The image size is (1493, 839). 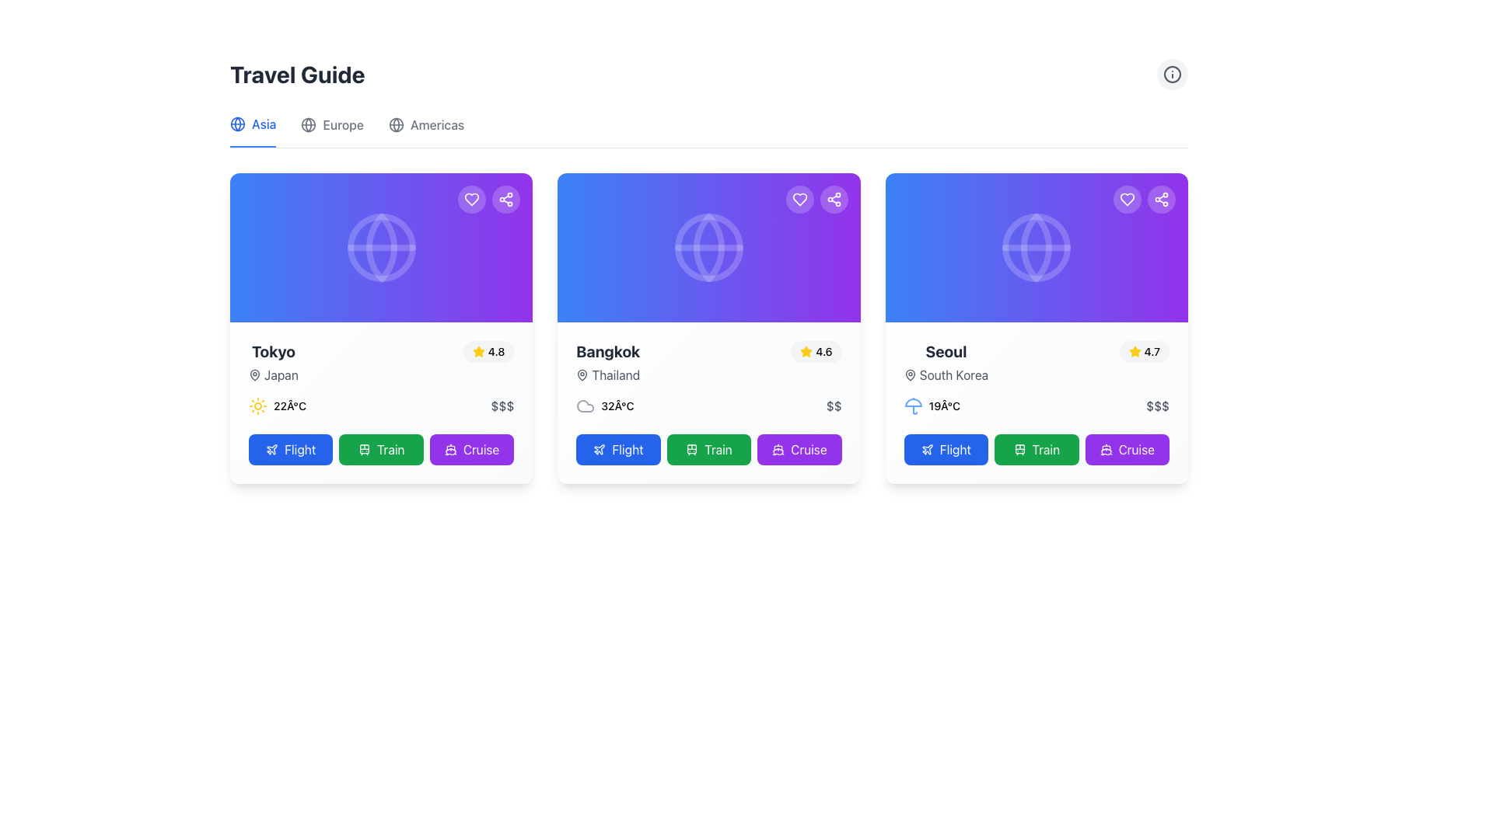 I want to click on the Decorative Banner Section, which is a rectangular gradient surface transitioning from blue to purple, located at the top of the second card from the left in a horizontal list, above the text 'Bangkok', so click(x=708, y=247).